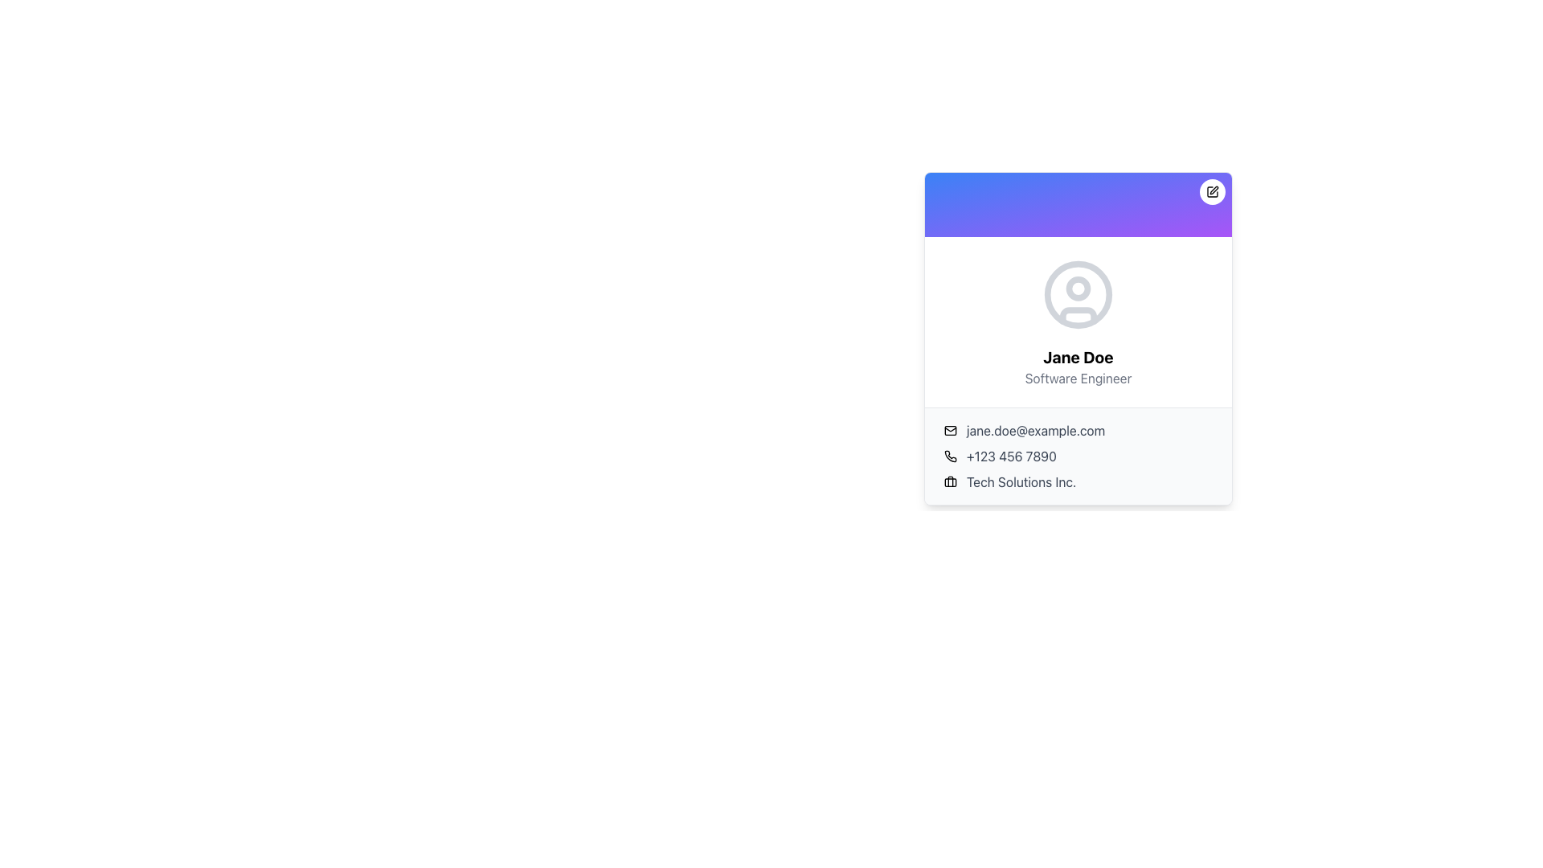  What do you see at coordinates (950, 430) in the screenshot?
I see `the SVG rectangle that represents the email icon next to 'jane.doe@example.com'` at bounding box center [950, 430].